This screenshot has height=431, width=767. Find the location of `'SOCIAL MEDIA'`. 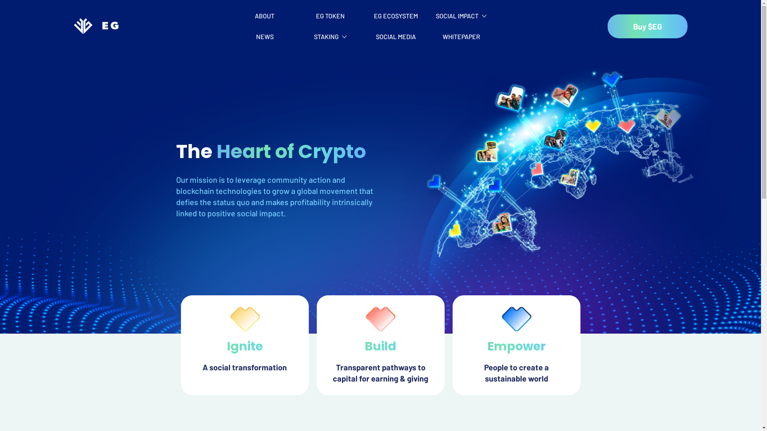

'SOCIAL MEDIA' is located at coordinates (395, 37).